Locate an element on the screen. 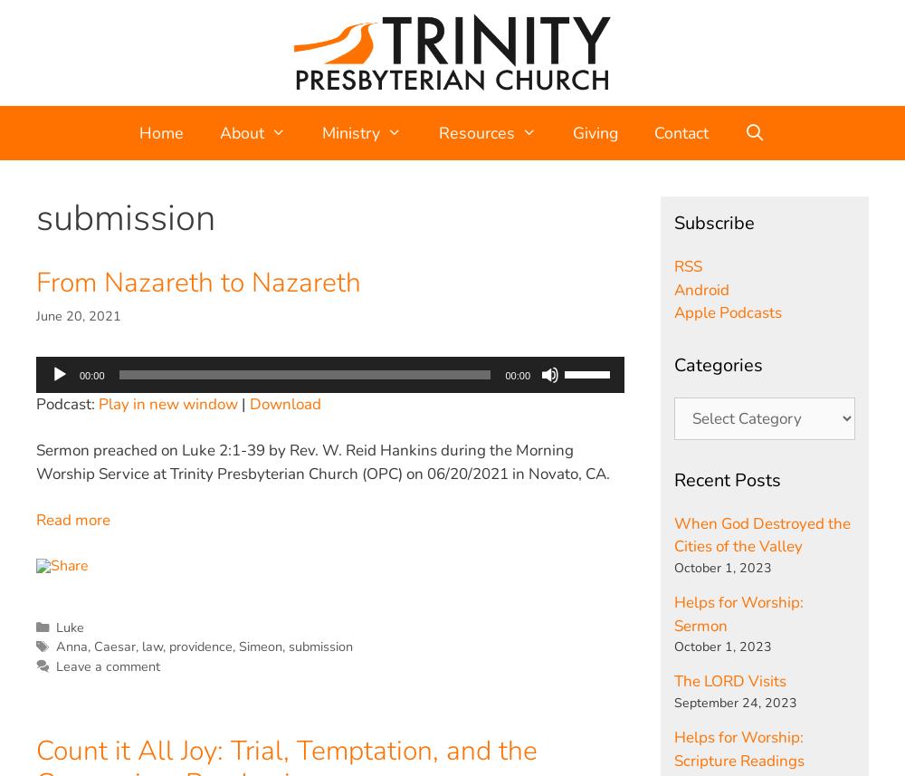  'Download' is located at coordinates (284, 403).